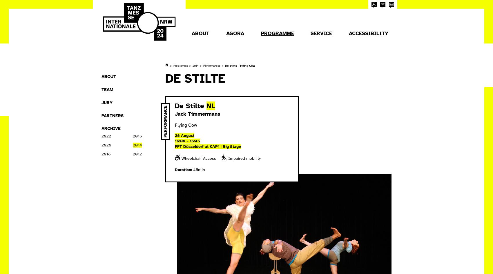  Describe the element at coordinates (107, 102) in the screenshot. I see `'Jury'` at that location.